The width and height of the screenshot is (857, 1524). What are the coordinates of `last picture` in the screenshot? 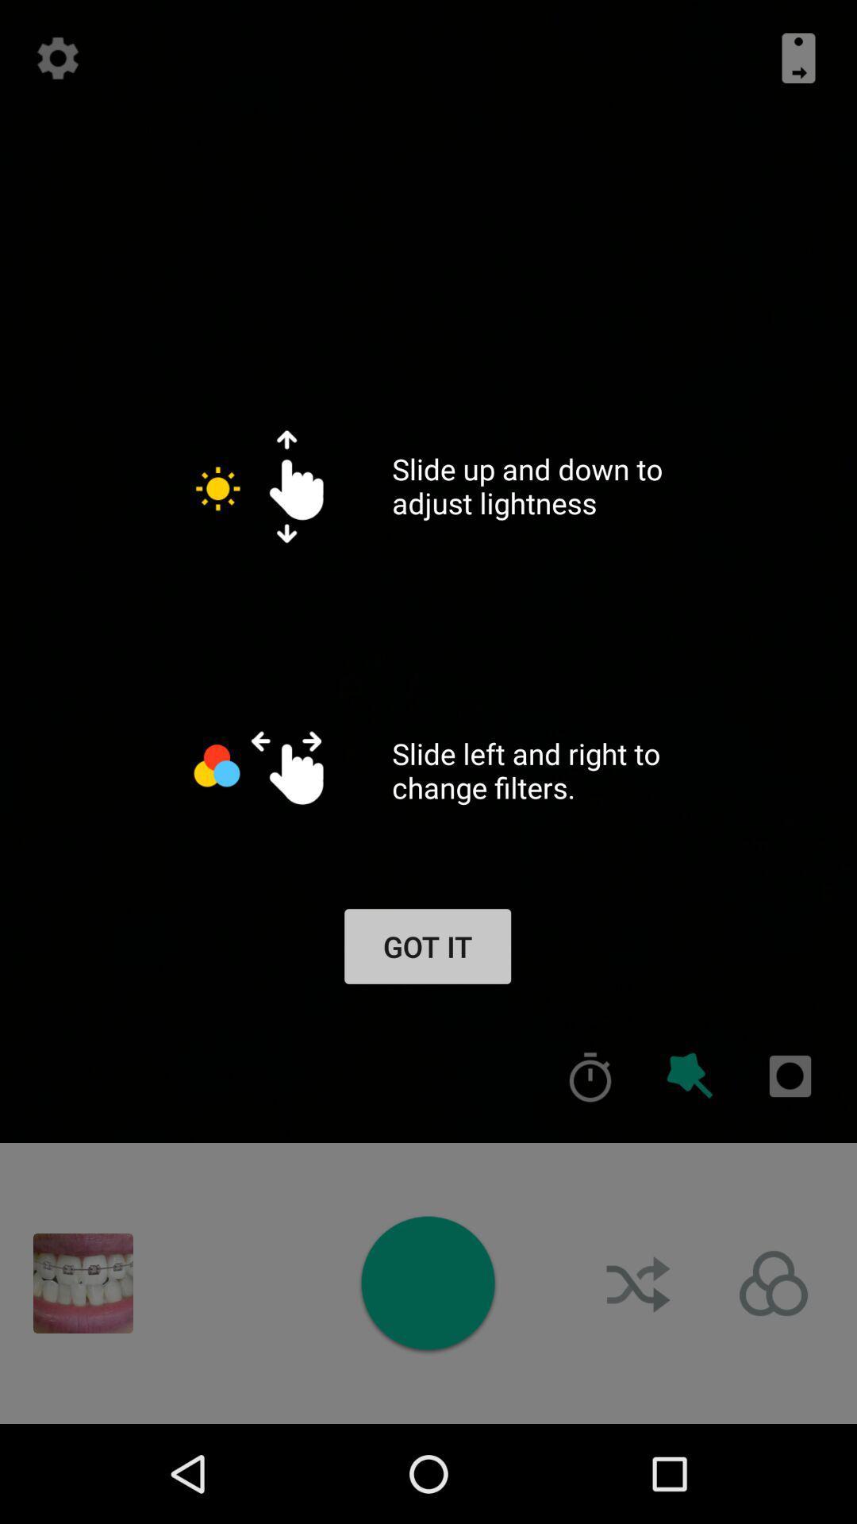 It's located at (83, 1283).